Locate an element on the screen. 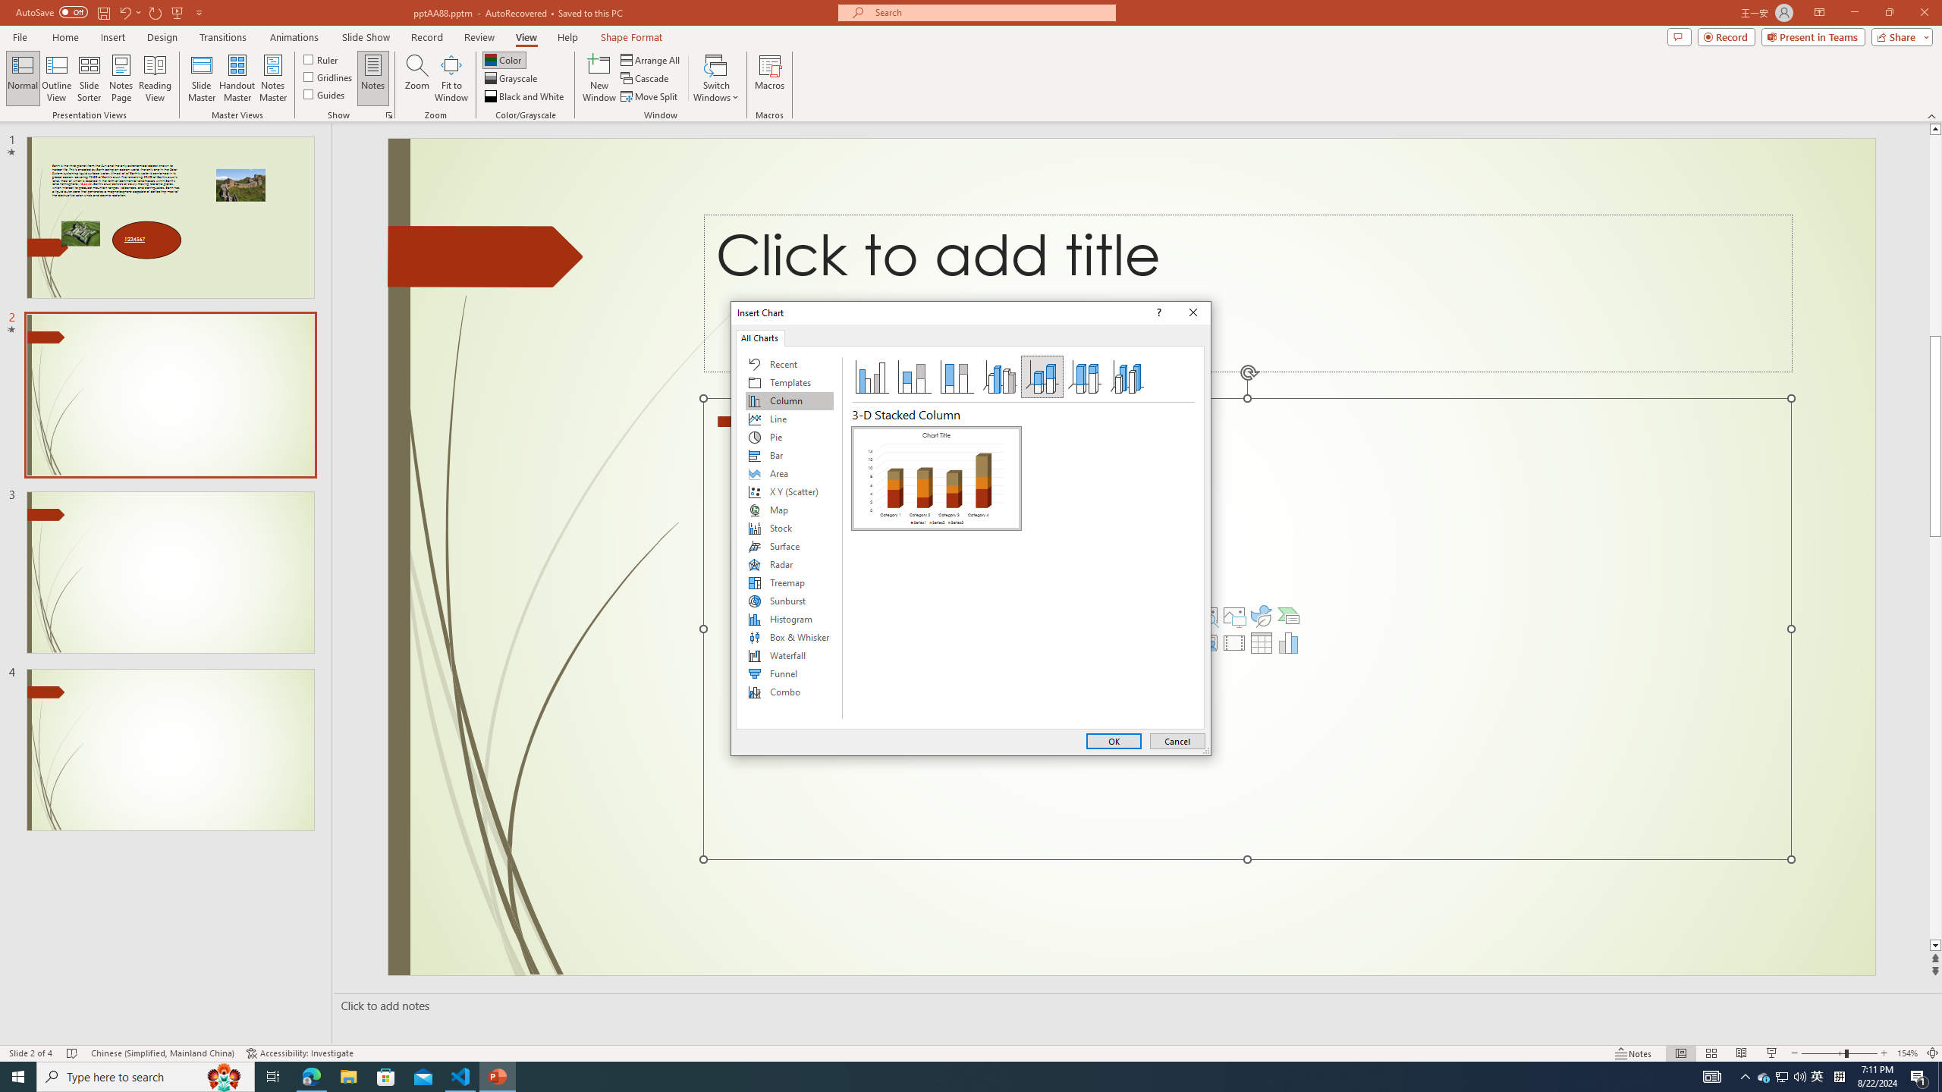 This screenshot has width=1942, height=1092. 'Bar' is located at coordinates (788, 456).